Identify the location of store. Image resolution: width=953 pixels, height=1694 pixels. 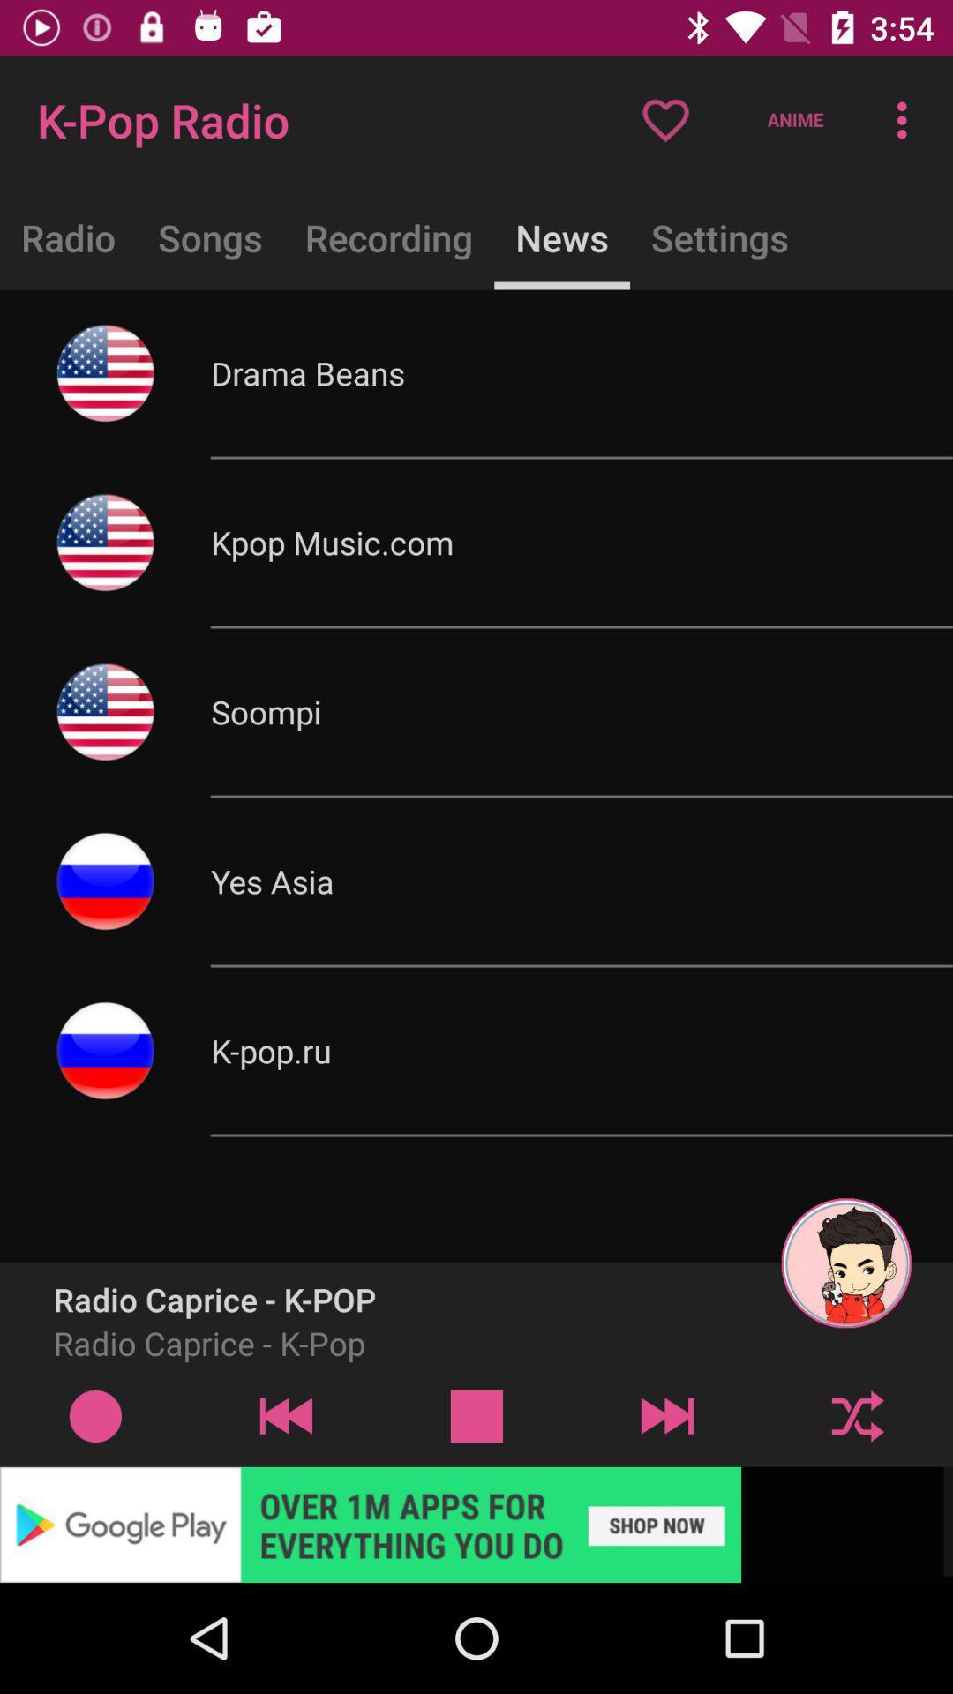
(476, 1524).